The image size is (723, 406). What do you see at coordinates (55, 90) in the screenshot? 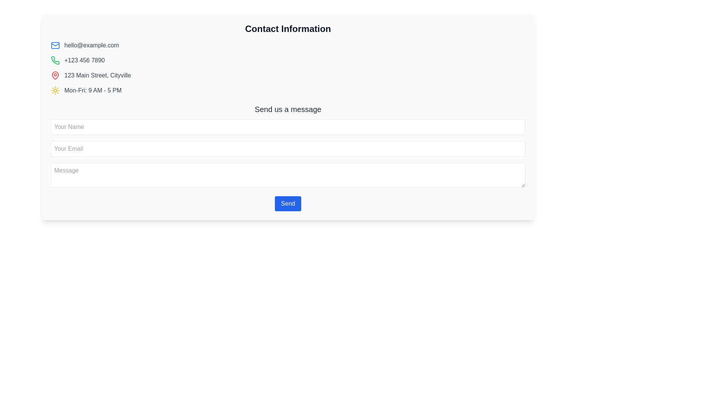
I see `the sun icon, which visually indicates working hours and is located to the left of the text 'Mon-Fri: 9 AM - 5 PM.' It is the fourth item in a vertically stacked list of icons` at bounding box center [55, 90].